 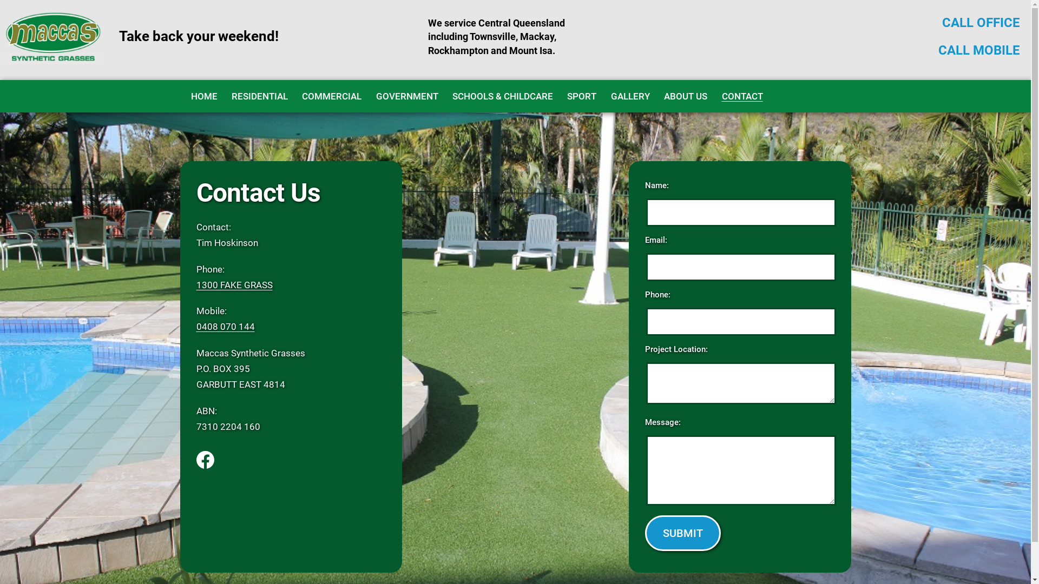 I want to click on 'RESIDENTIAL', so click(x=260, y=95).